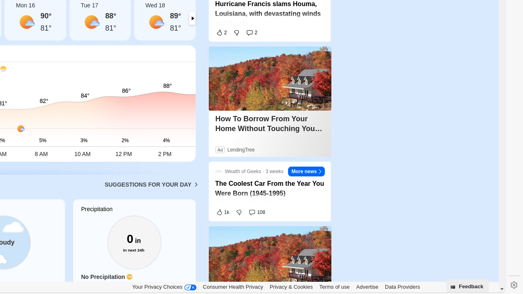 The image size is (523, 294). Describe the element at coordinates (467, 285) in the screenshot. I see `'Feedback'` at that location.